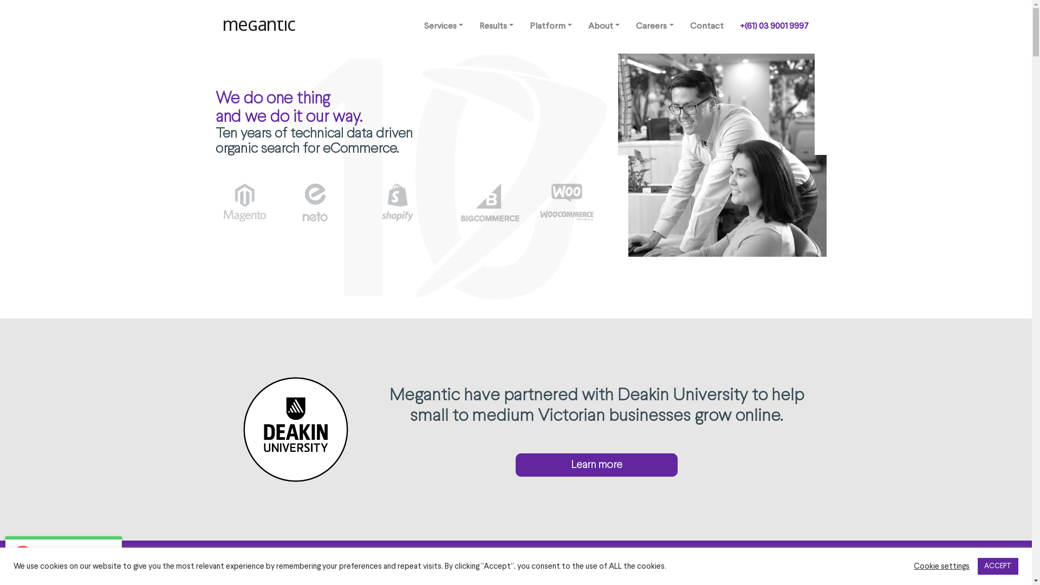  Describe the element at coordinates (444, 26) in the screenshot. I see `'Services'` at that location.